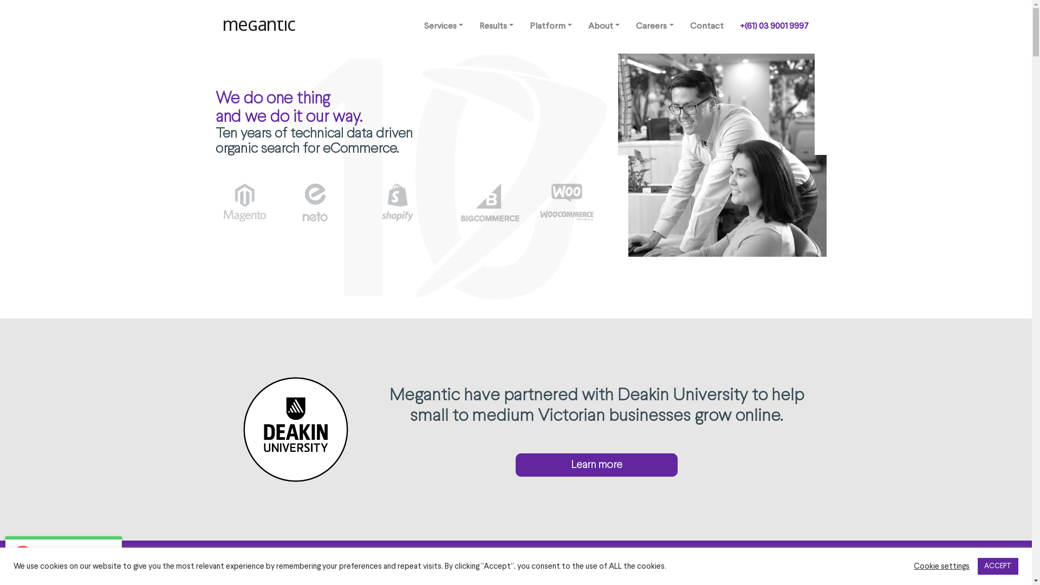  Describe the element at coordinates (444, 26) in the screenshot. I see `'Services'` at that location.